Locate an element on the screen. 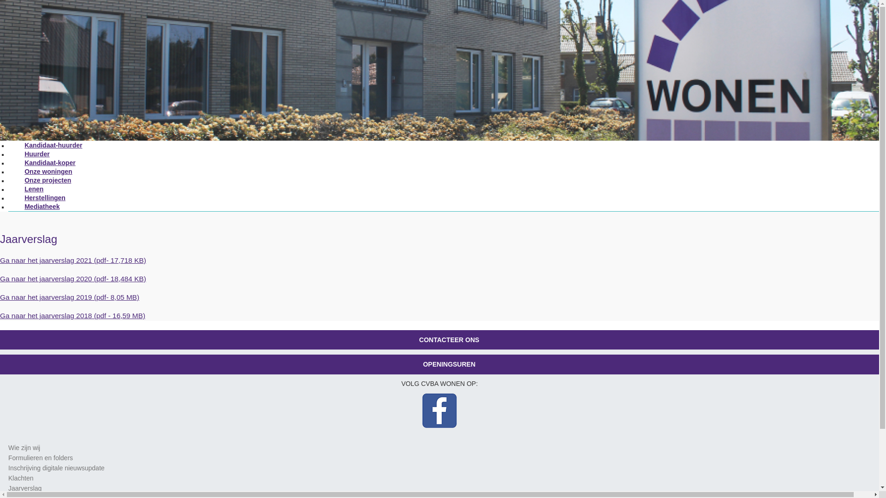  'Ga naar het jaarverslag 2018 (pdf - 16,59 MB)' is located at coordinates (72, 315).